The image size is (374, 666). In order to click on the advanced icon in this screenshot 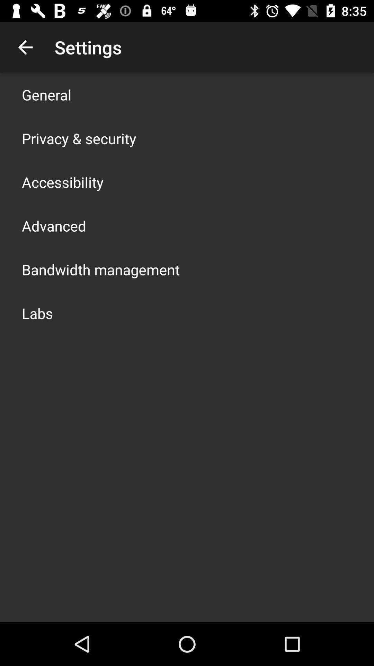, I will do `click(53, 226)`.